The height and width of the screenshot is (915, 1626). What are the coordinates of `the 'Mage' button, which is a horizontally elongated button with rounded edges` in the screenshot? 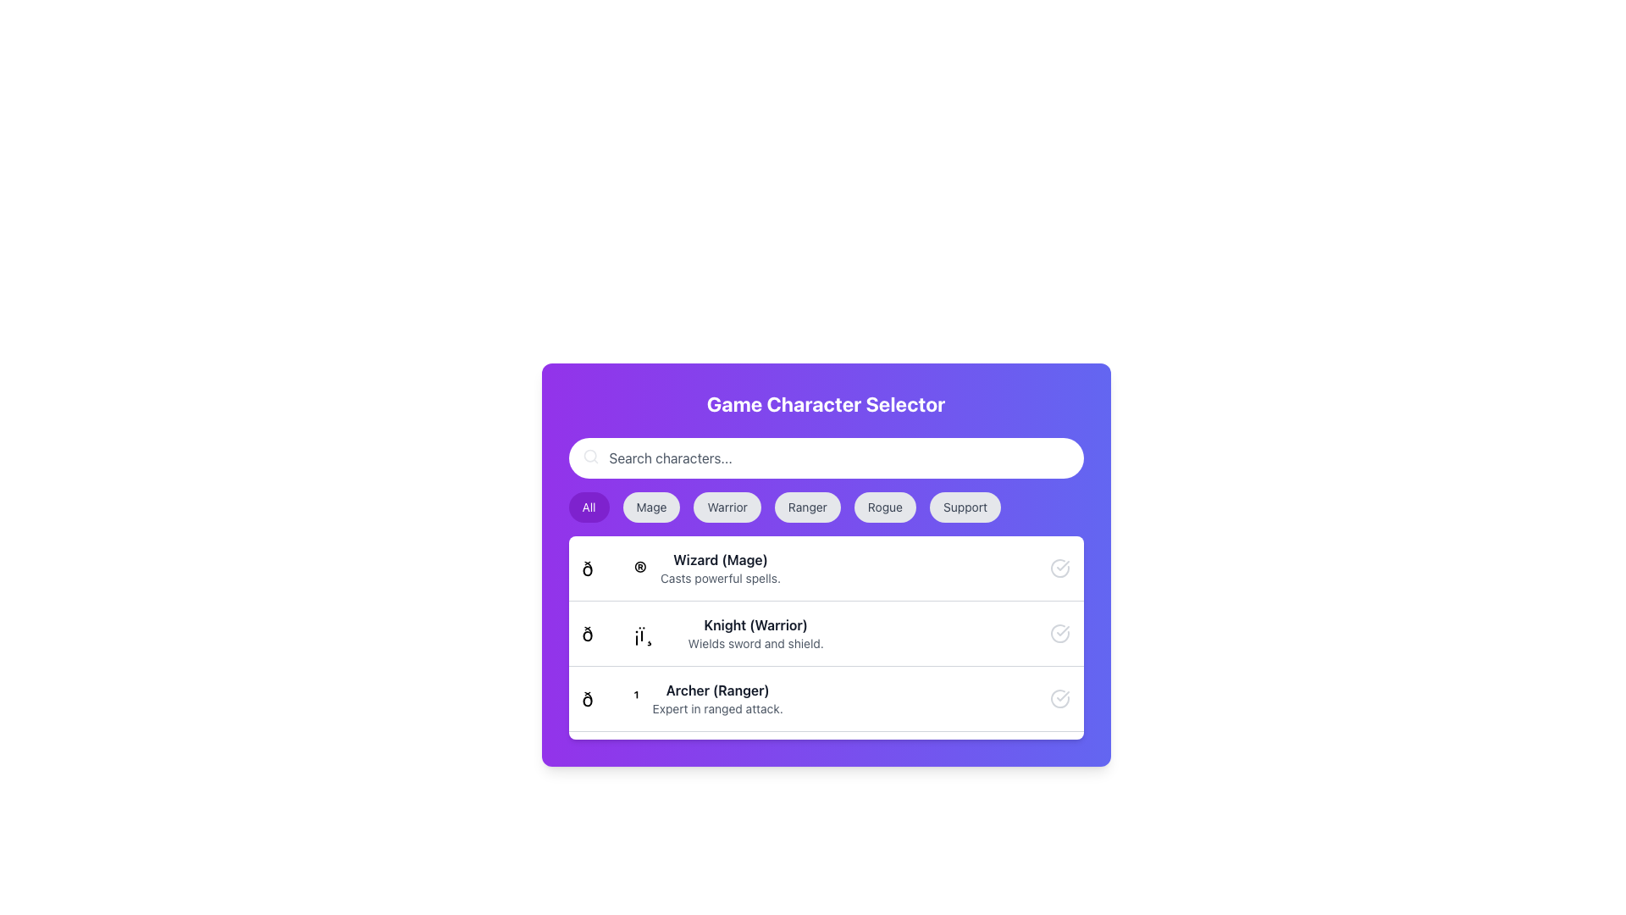 It's located at (650, 506).